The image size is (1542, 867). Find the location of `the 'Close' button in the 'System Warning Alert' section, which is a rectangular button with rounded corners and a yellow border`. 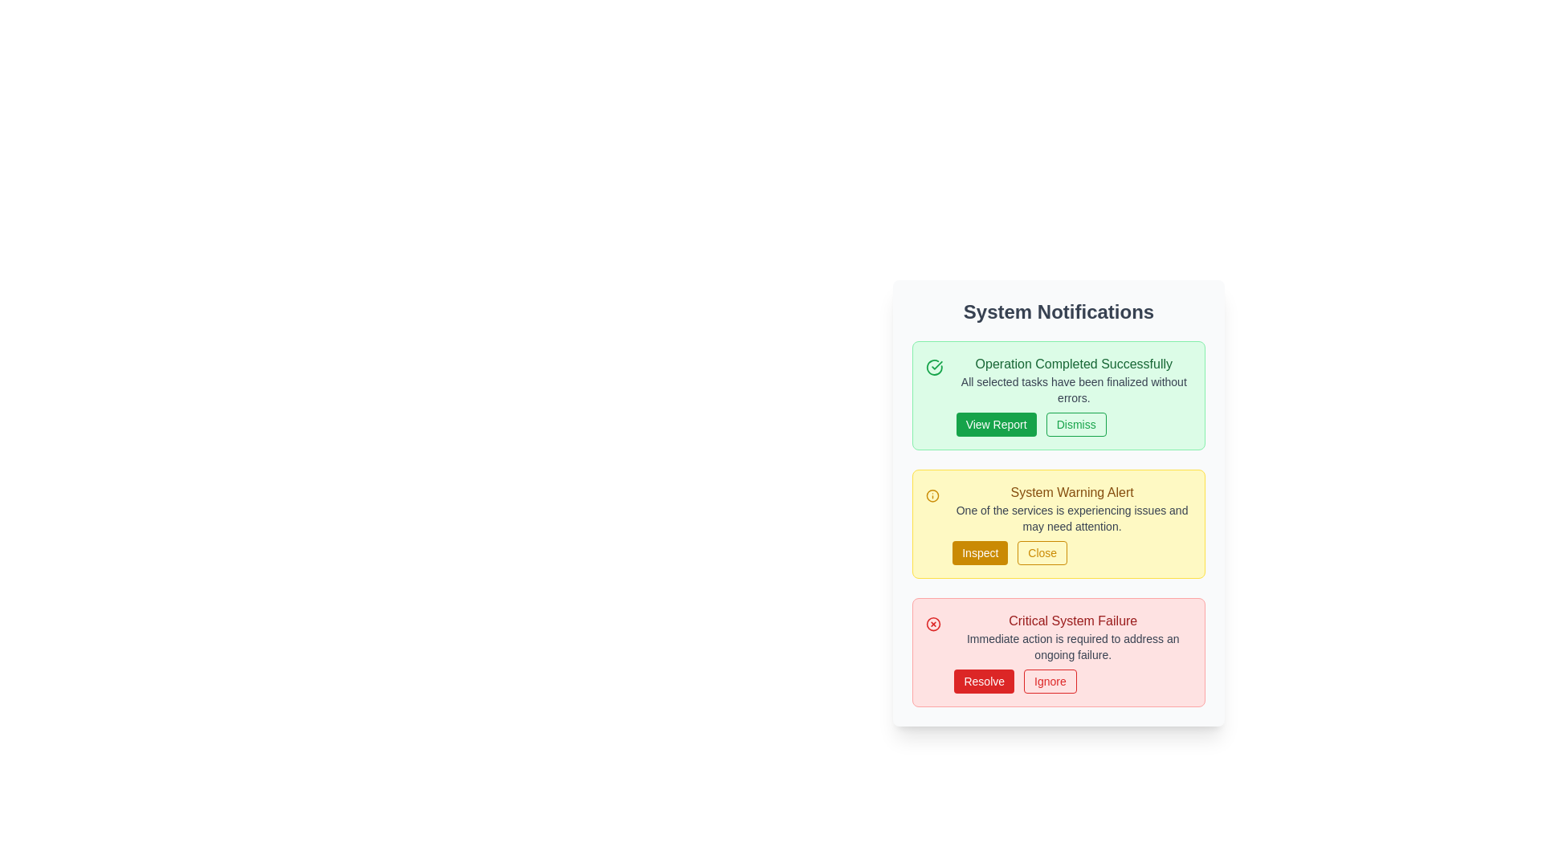

the 'Close' button in the 'System Warning Alert' section, which is a rectangular button with rounded corners and a yellow border is located at coordinates (1042, 552).